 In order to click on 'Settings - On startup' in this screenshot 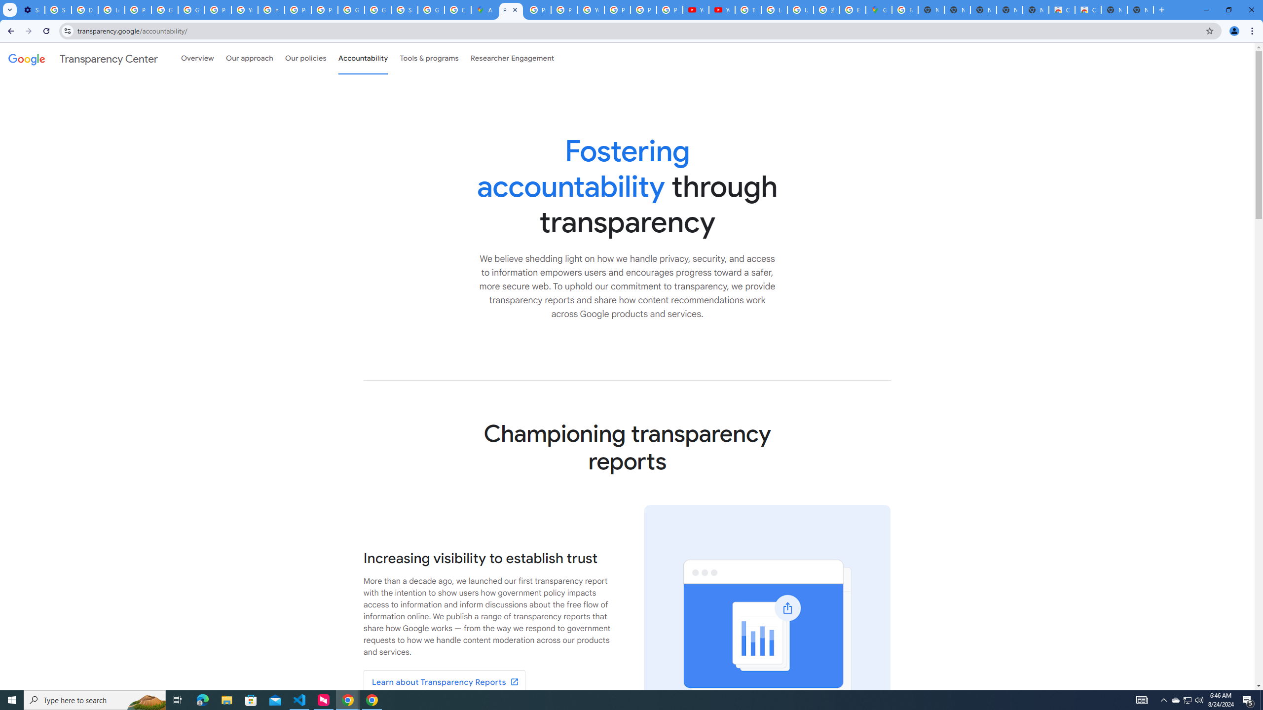, I will do `click(32, 9)`.